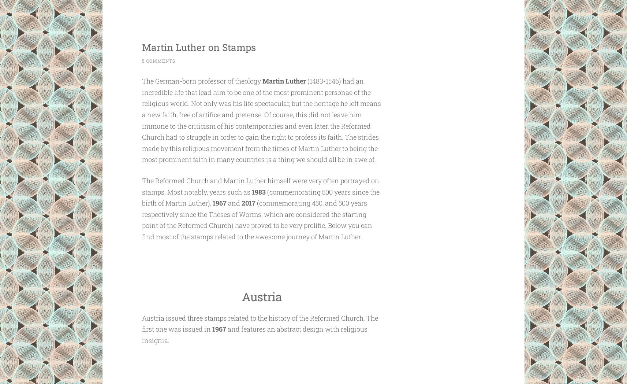 The height and width of the screenshot is (384, 627). What do you see at coordinates (258, 191) in the screenshot?
I see `'1983'` at bounding box center [258, 191].